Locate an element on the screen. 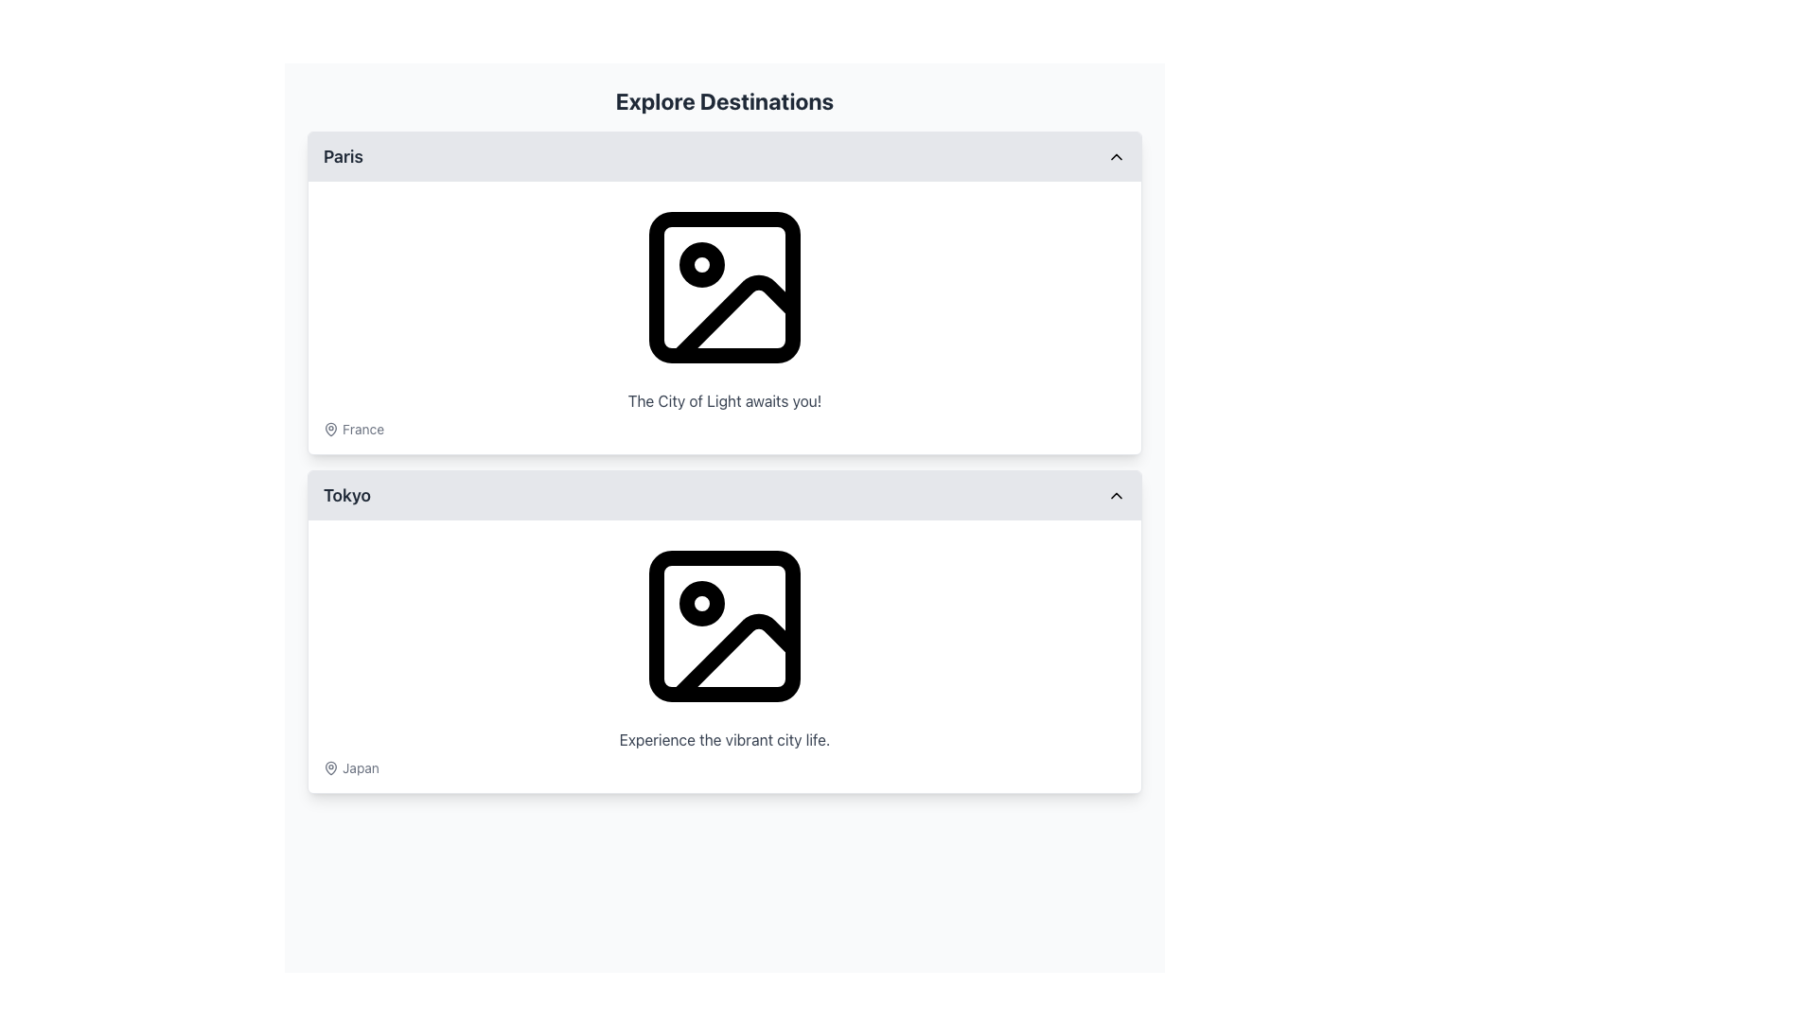 The width and height of the screenshot is (1817, 1022). the small, rounded corner SVG rectangle located in the upper card section labeled 'Paris', positioned above the text 'The City of Light awaits you' is located at coordinates (724, 288).